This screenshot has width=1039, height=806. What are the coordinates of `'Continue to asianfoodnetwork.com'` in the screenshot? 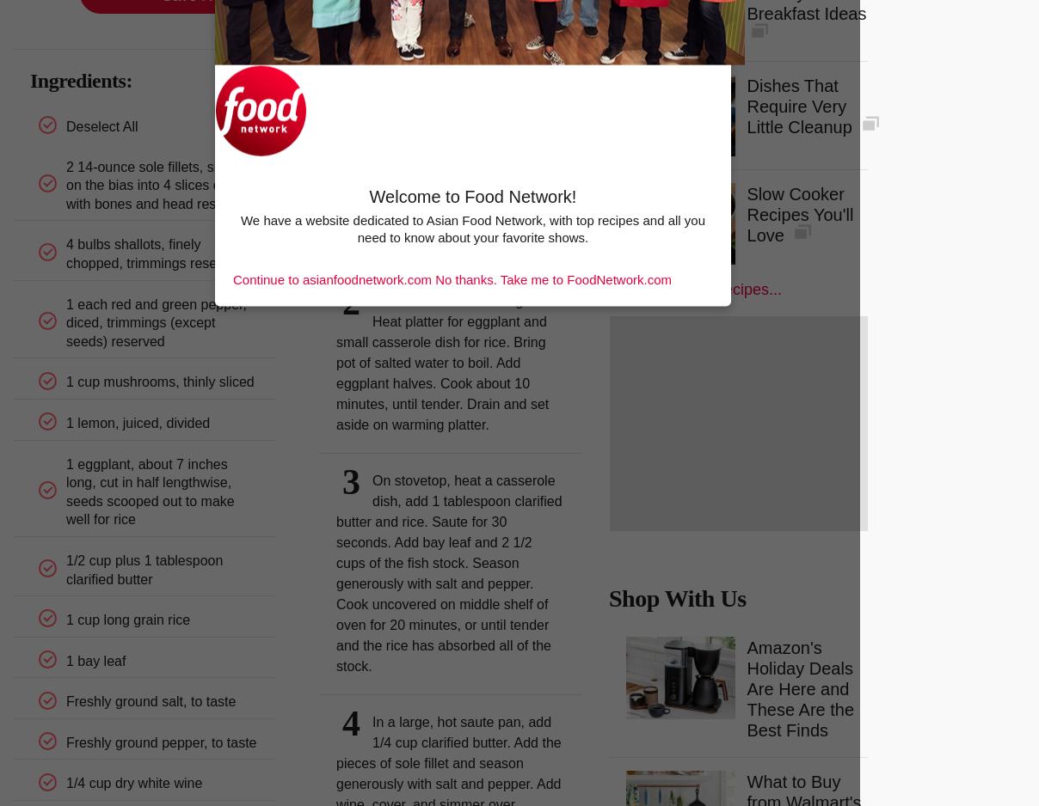 It's located at (232, 278).